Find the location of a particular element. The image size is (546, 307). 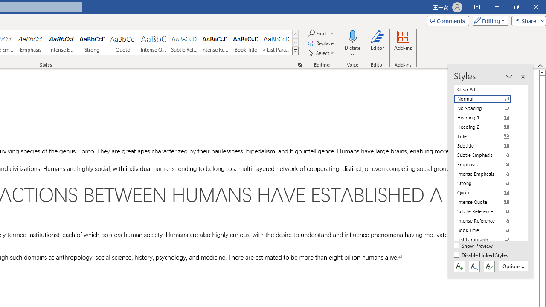

'Editing' is located at coordinates (488, 20).